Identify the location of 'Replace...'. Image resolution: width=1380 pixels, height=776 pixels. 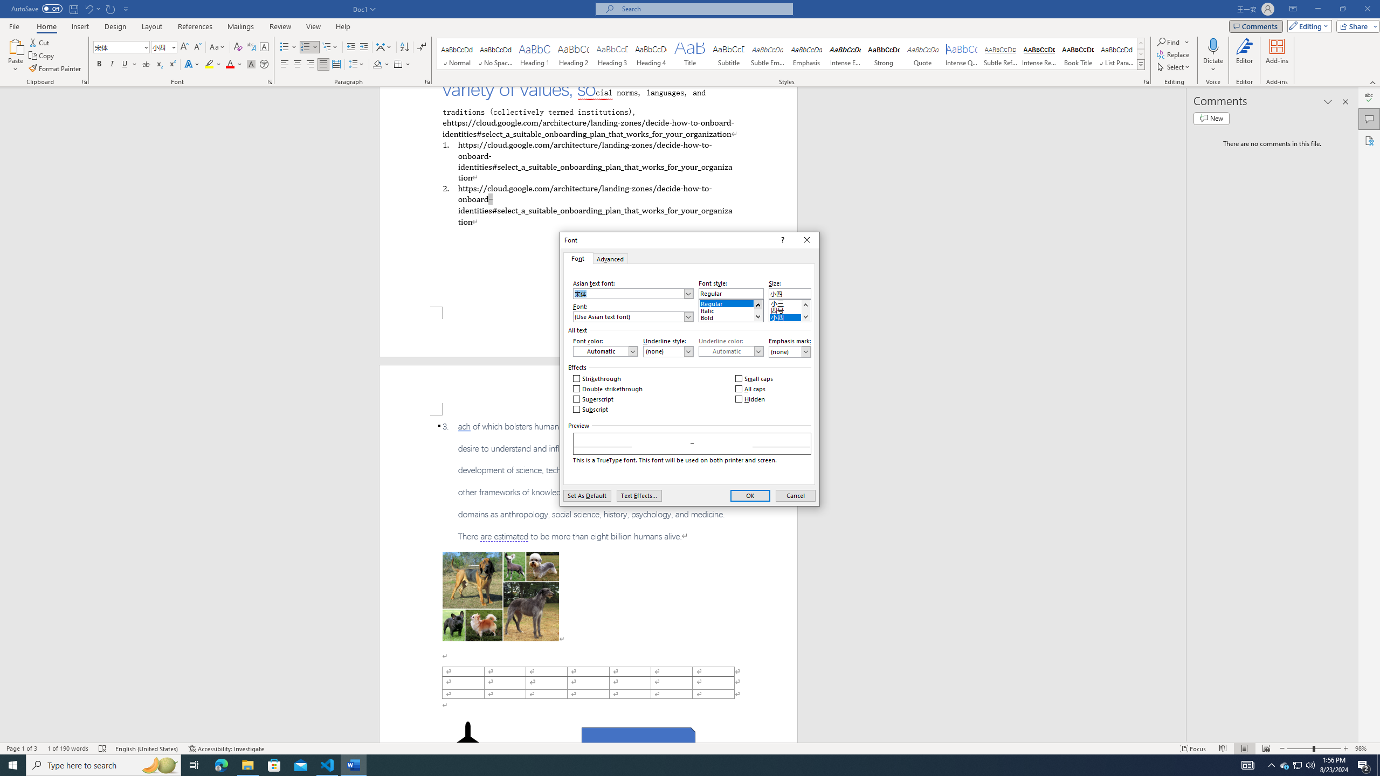
(1173, 53).